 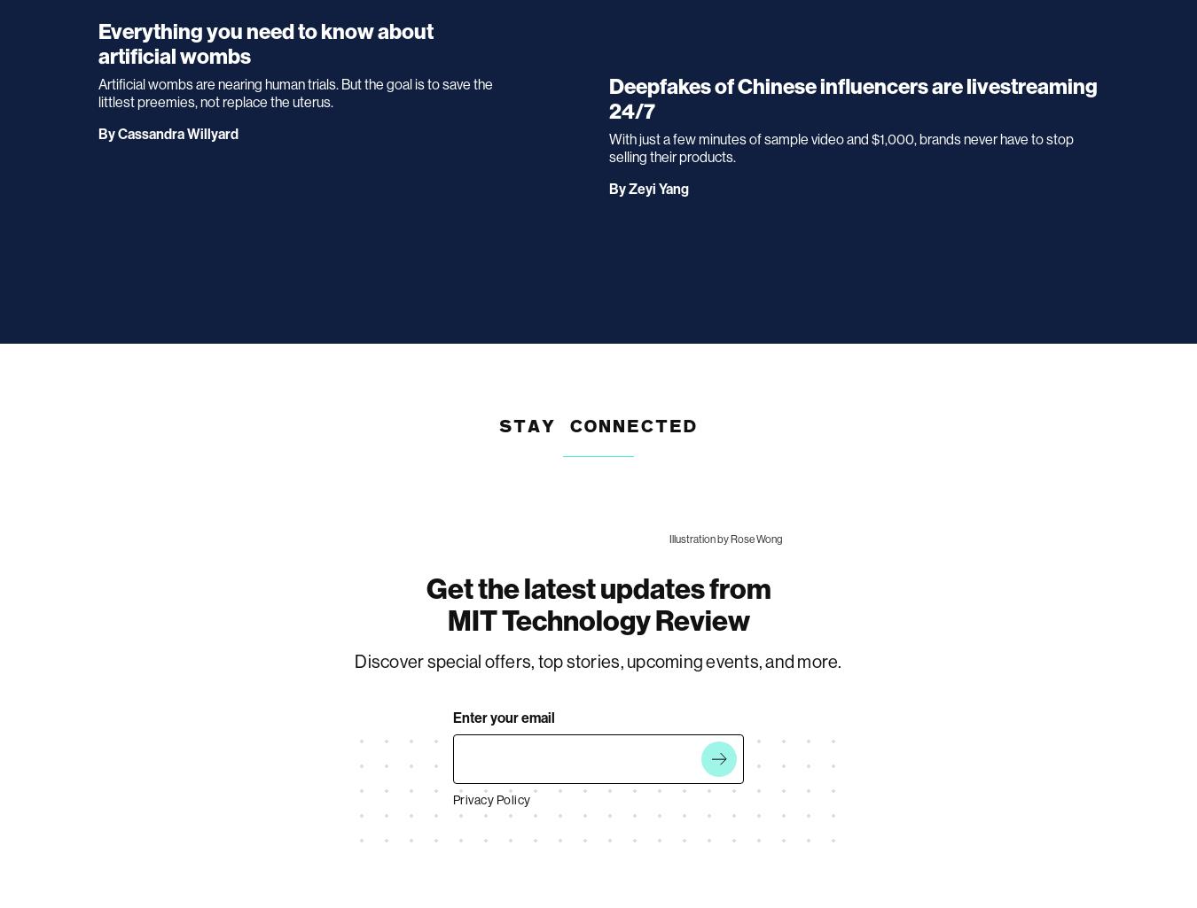 I want to click on 'Privacy Policy', so click(x=490, y=799).